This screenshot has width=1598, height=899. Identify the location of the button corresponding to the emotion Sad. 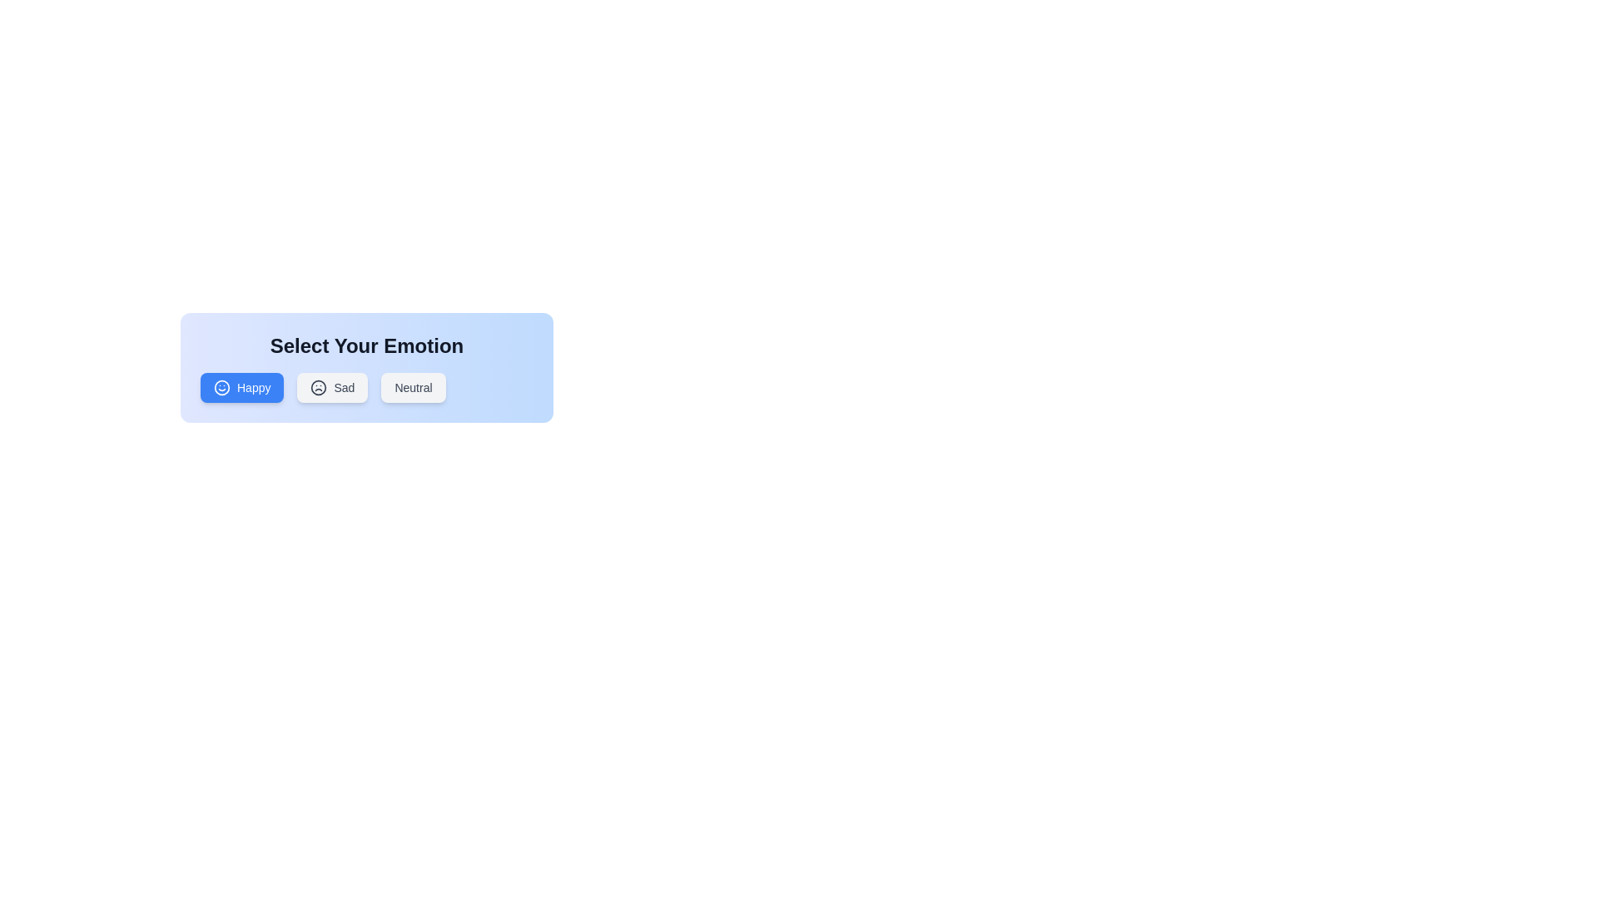
(332, 388).